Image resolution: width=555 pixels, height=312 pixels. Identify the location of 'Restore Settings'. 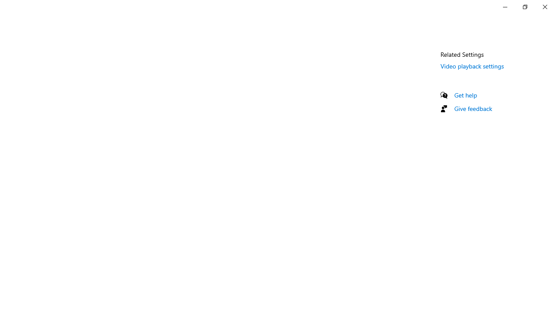
(524, 6).